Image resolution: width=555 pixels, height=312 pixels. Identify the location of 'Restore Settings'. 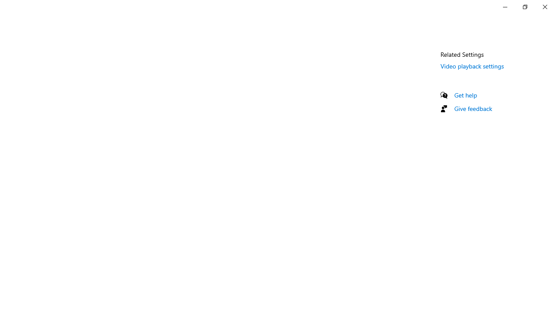
(524, 6).